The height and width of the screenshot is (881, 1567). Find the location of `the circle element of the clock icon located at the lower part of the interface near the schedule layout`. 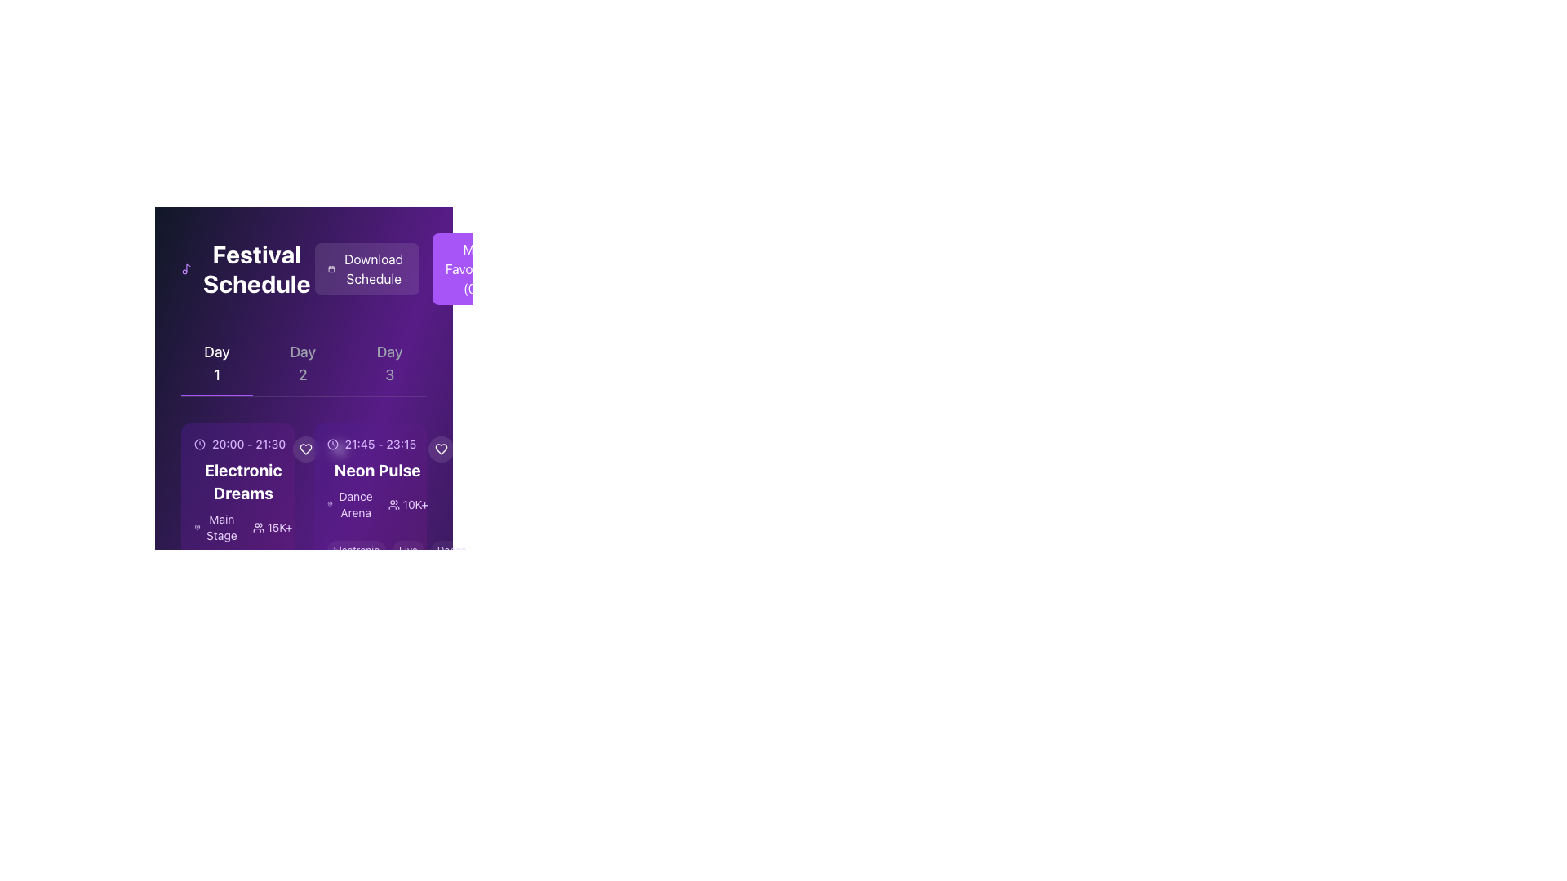

the circle element of the clock icon located at the lower part of the interface near the schedule layout is located at coordinates (198, 643).